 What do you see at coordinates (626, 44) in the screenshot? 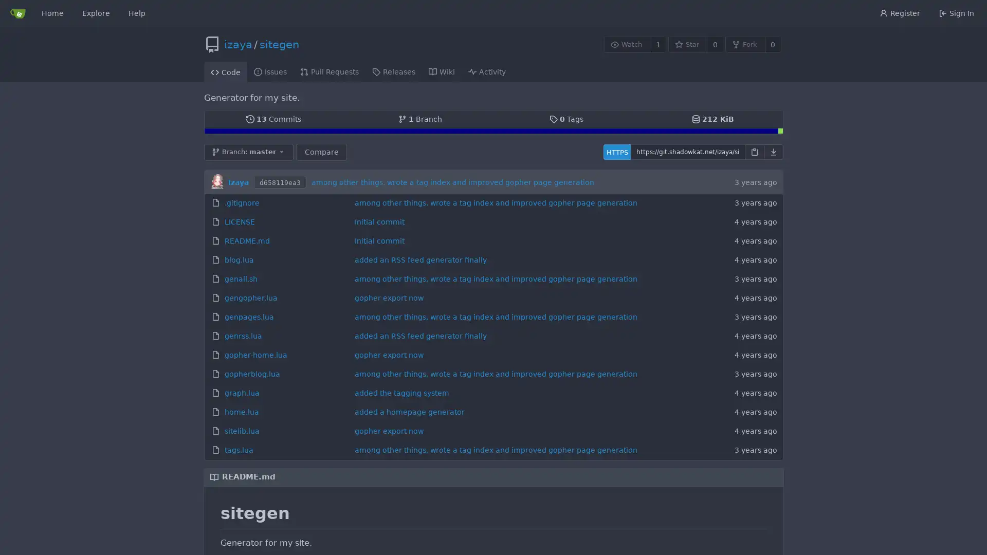
I see `Watch` at bounding box center [626, 44].